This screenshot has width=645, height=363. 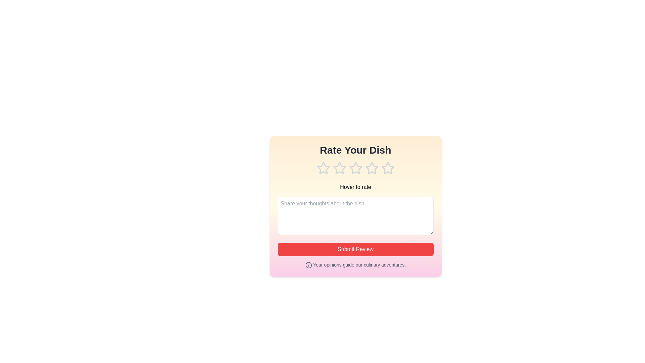 I want to click on the 'Submit Review' button to submit the feedback, so click(x=355, y=249).